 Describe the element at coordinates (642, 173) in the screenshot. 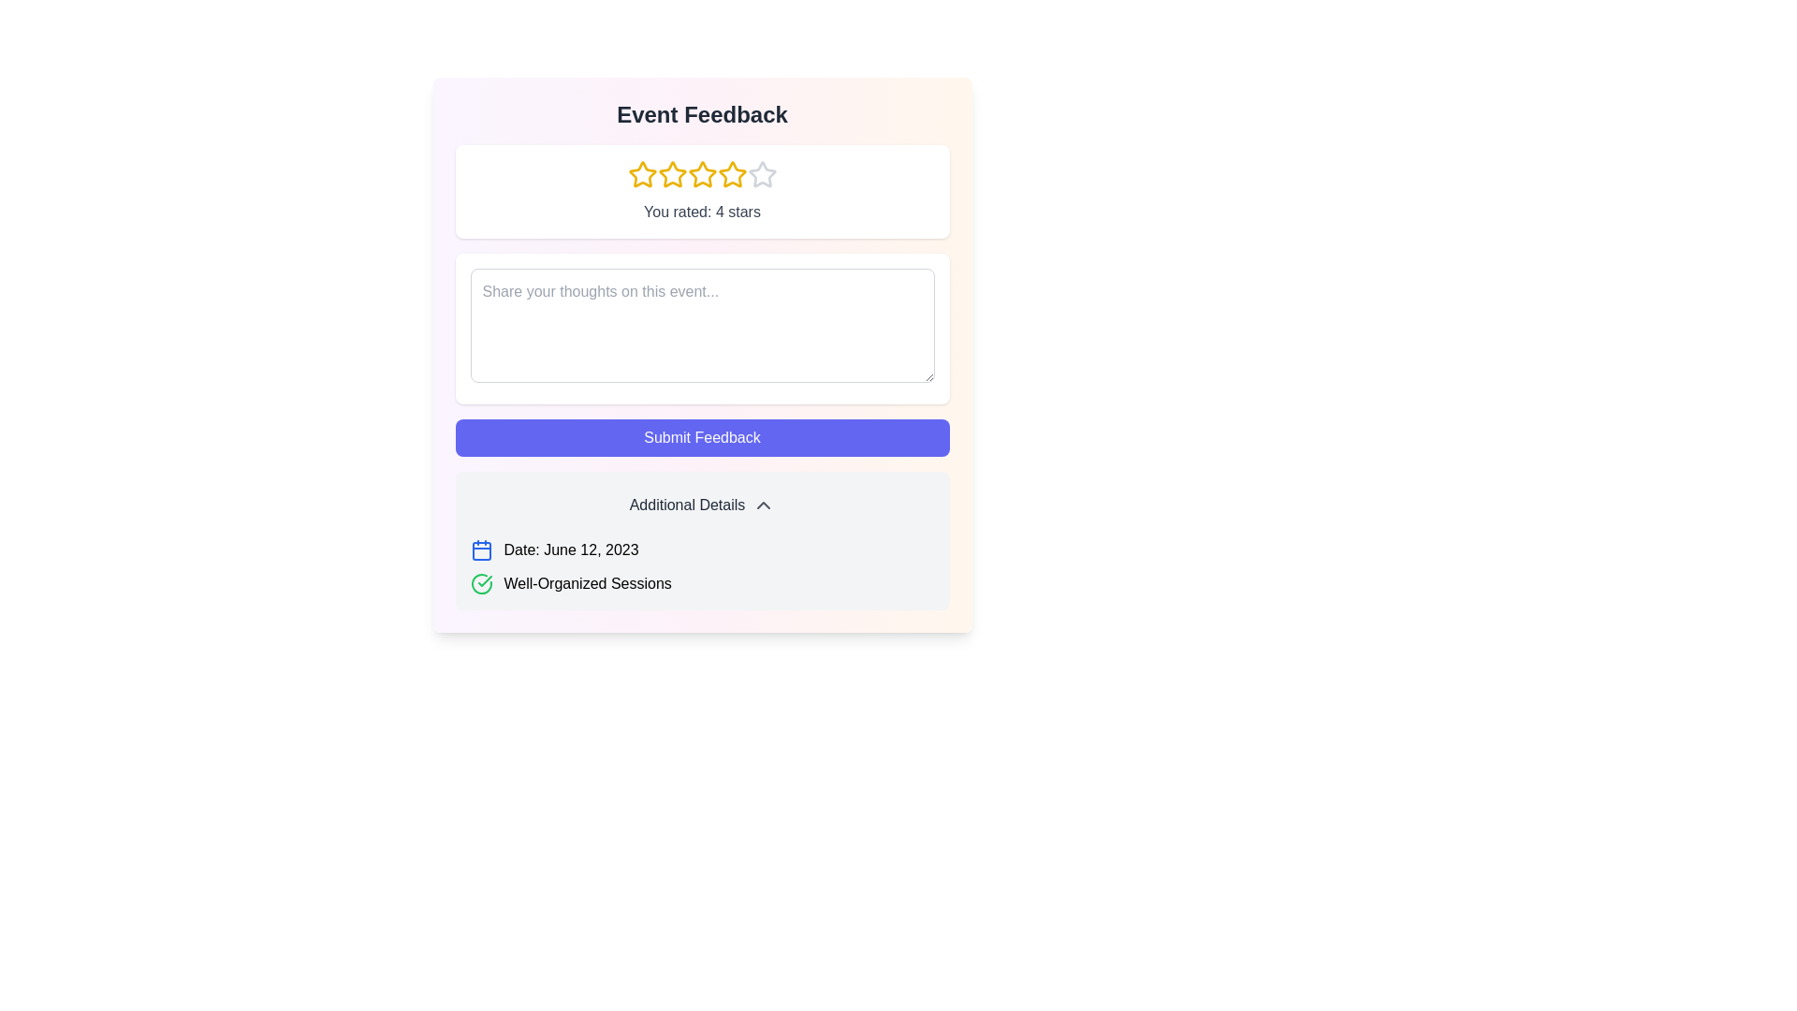

I see `the first star-shaped rating icon with a hollow center and yellow outlines located below the title 'Event Feedback' to rate it` at that location.